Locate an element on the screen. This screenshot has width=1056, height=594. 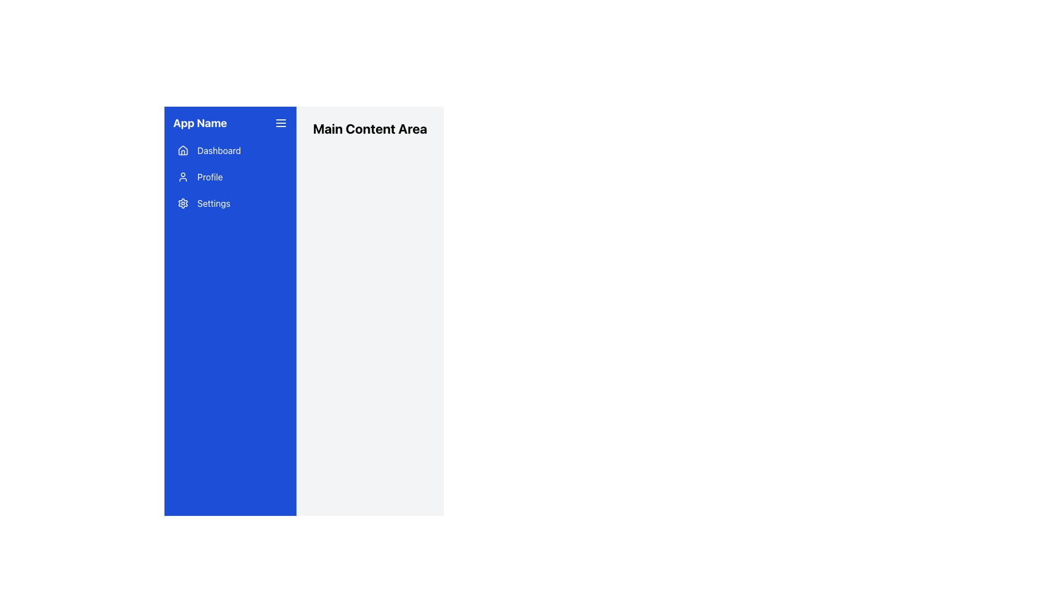
the 'Profile' text label in the vertical navigation sidebar, located between 'Dashboard' and 'Settings' is located at coordinates (210, 176).